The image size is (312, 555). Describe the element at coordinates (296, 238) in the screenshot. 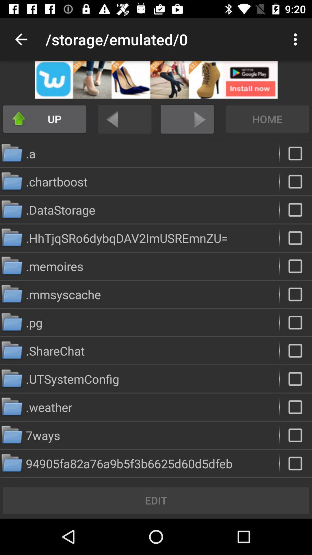

I see `file` at that location.